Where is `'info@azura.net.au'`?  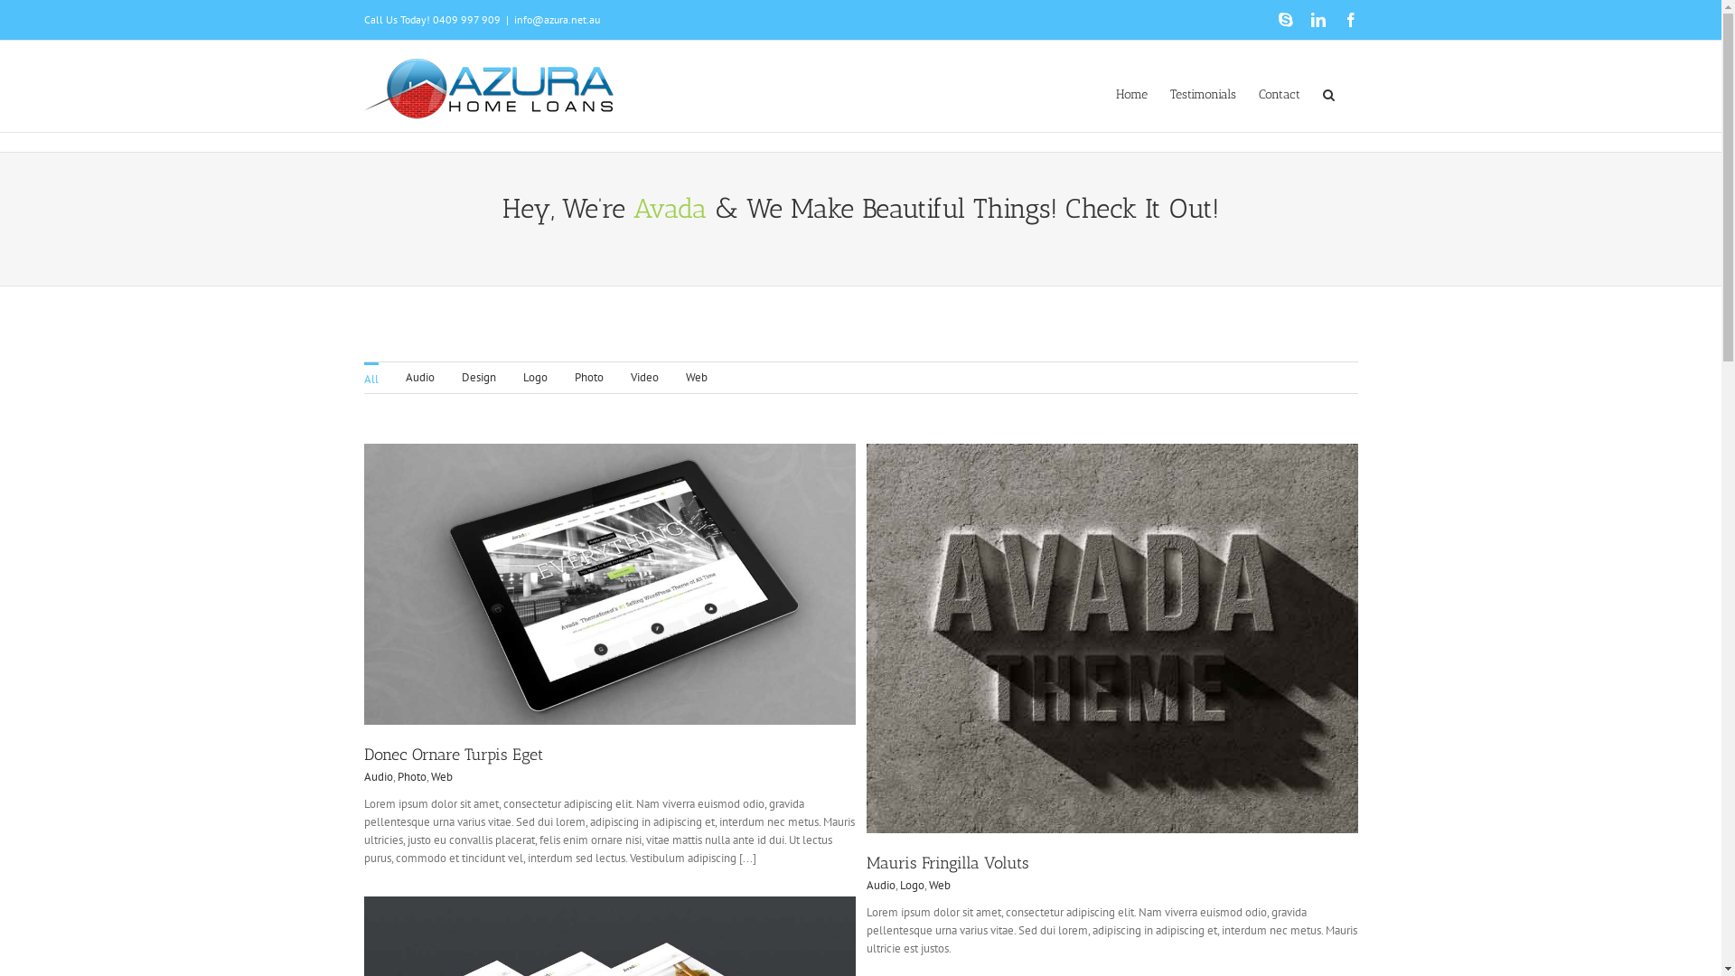 'info@azura.net.au' is located at coordinates (555, 19).